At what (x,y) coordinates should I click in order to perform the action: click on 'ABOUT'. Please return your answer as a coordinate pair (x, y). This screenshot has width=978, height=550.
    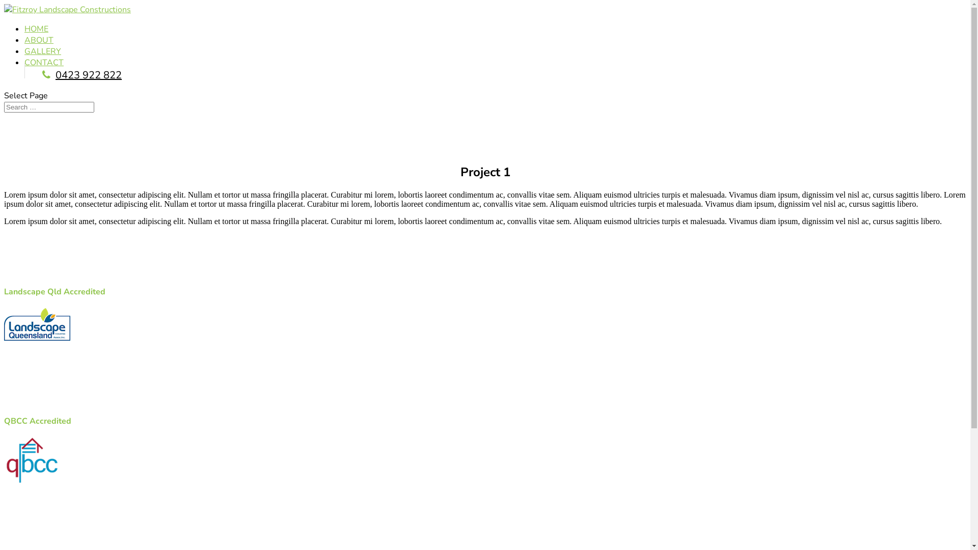
    Looking at the image, I should click on (24, 39).